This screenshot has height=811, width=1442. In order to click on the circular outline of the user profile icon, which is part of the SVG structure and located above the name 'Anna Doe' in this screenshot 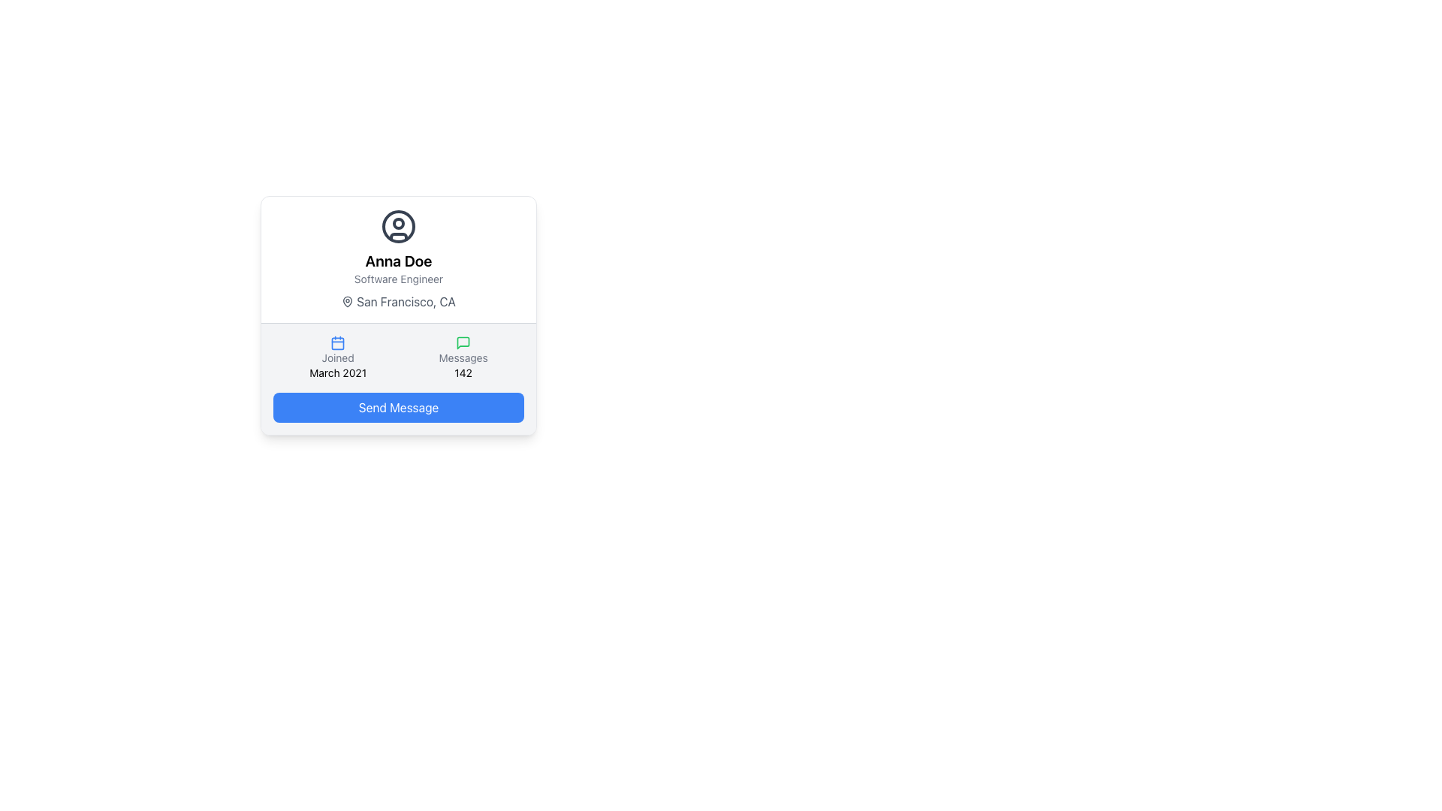, I will do `click(399, 226)`.